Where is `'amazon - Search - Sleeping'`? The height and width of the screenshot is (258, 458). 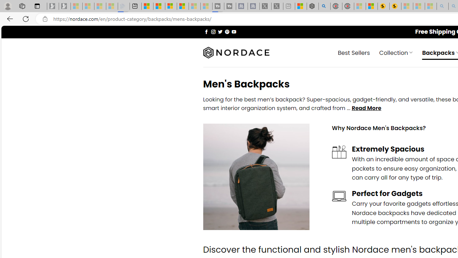 'amazon - Search - Sleeping' is located at coordinates (442, 6).